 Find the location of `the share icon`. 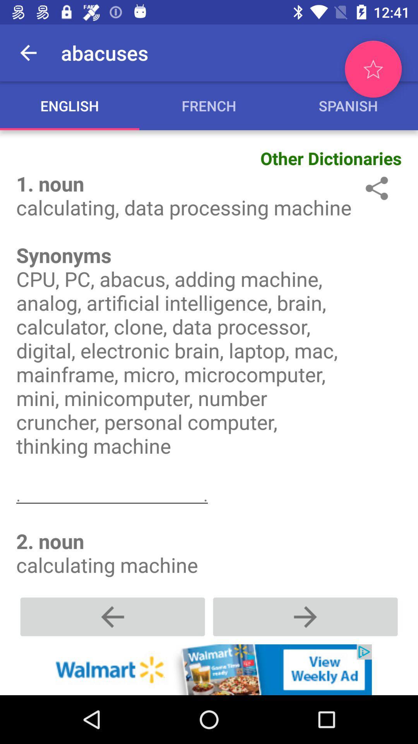

the share icon is located at coordinates (375, 188).